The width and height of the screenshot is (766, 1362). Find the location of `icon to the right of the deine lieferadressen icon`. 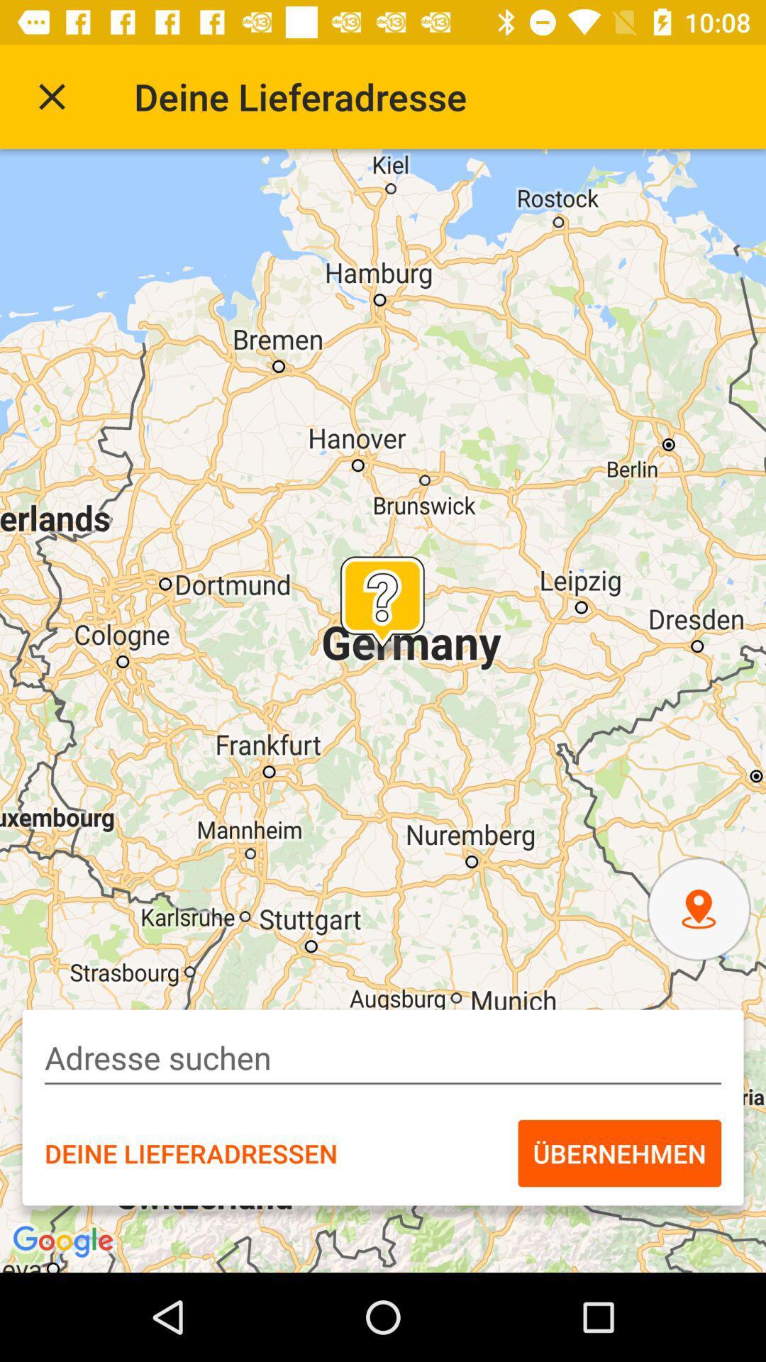

icon to the right of the deine lieferadressen icon is located at coordinates (618, 1153).